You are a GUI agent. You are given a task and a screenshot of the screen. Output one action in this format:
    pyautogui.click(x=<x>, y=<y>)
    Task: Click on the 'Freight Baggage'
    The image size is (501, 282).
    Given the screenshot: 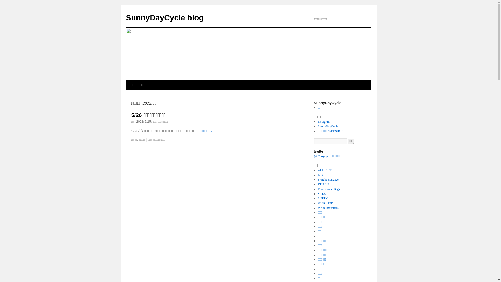 What is the action you would take?
    pyautogui.click(x=328, y=179)
    